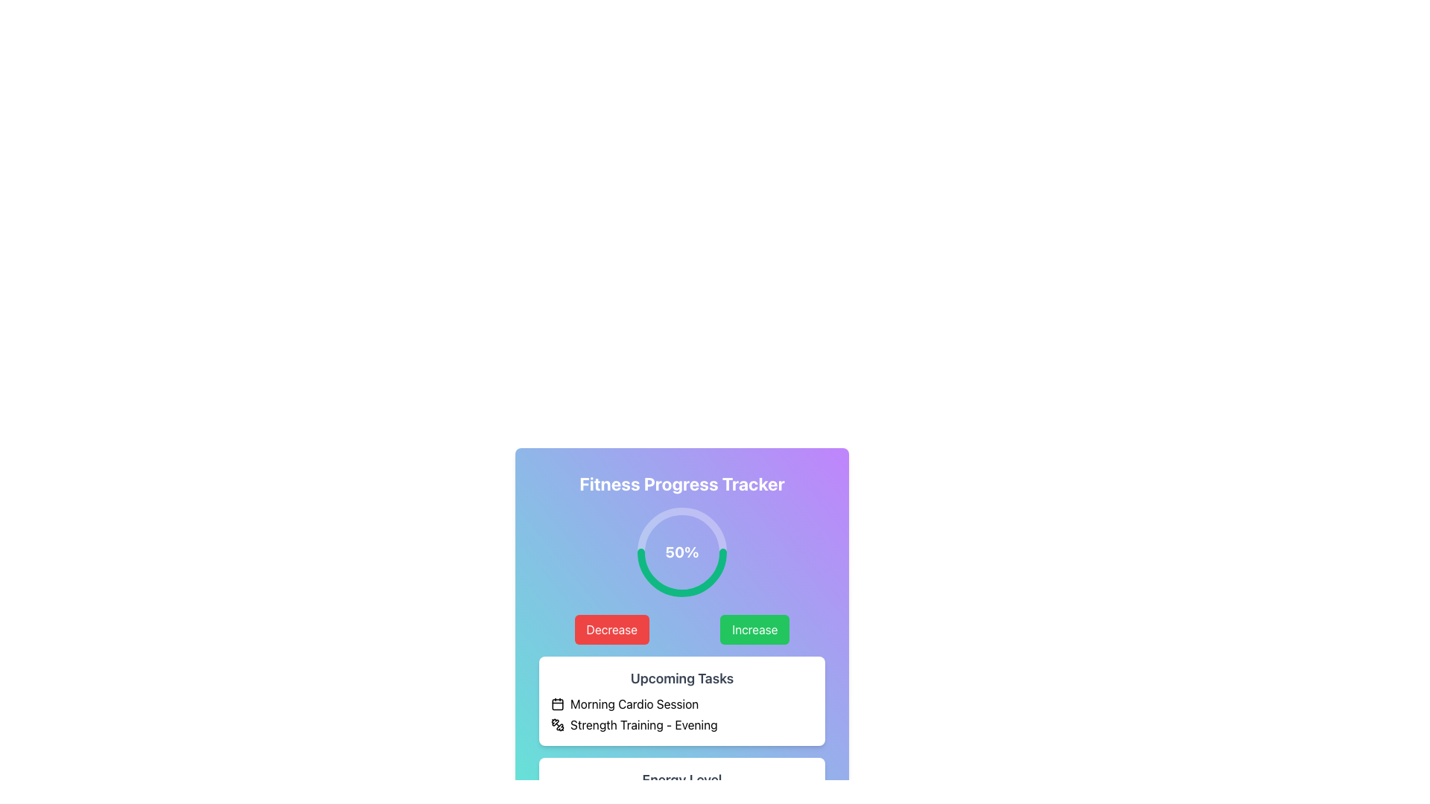 This screenshot has width=1430, height=804. What do you see at coordinates (681, 629) in the screenshot?
I see `the 'Decrease' (red) or 'Increase' (green) button in the 'Fitness Progress Tracker' section to trigger a hover effect` at bounding box center [681, 629].